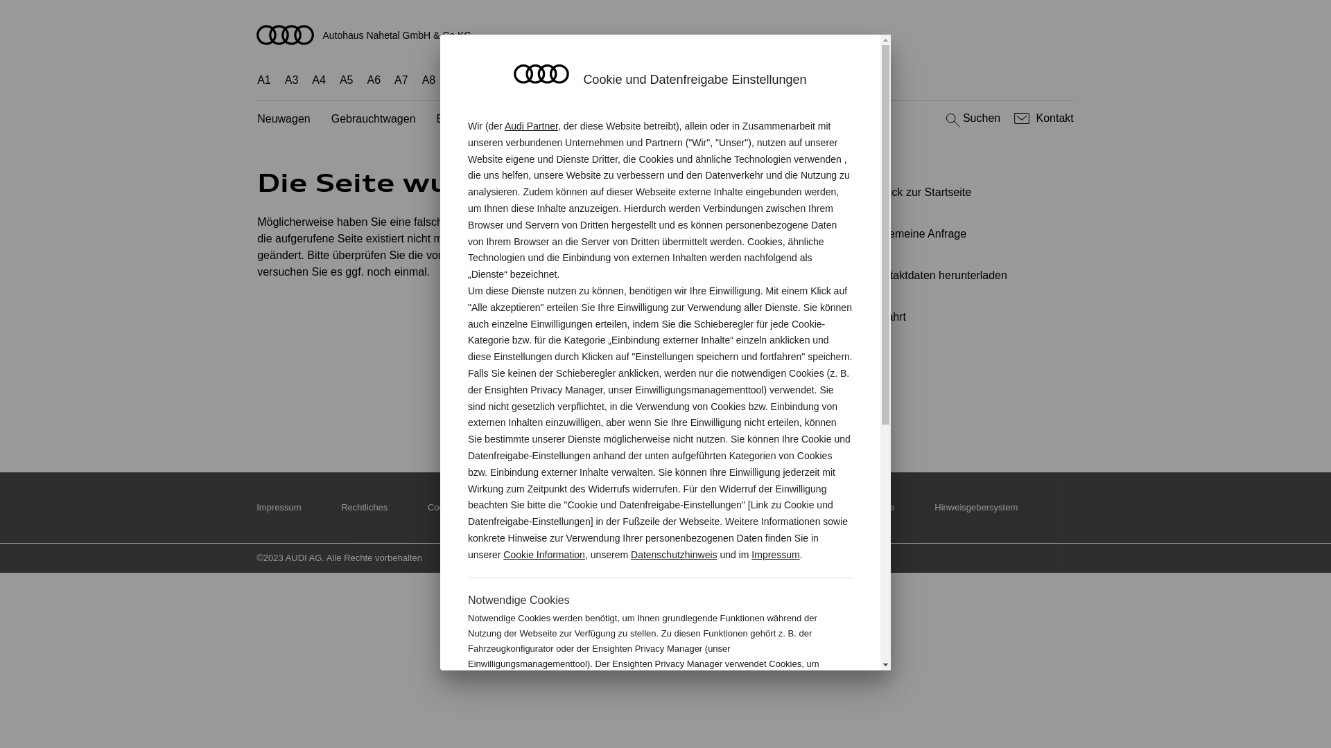 This screenshot has width=1331, height=748. I want to click on 'Q2', so click(456, 80).